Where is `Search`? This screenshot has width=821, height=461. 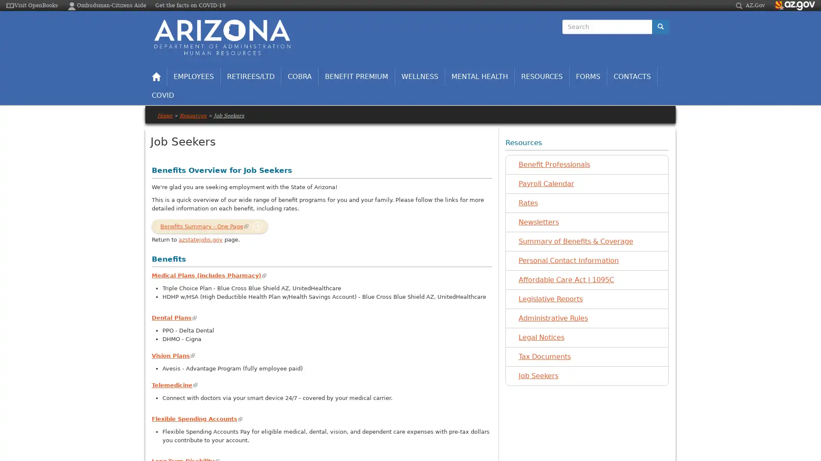 Search is located at coordinates (562, 34).